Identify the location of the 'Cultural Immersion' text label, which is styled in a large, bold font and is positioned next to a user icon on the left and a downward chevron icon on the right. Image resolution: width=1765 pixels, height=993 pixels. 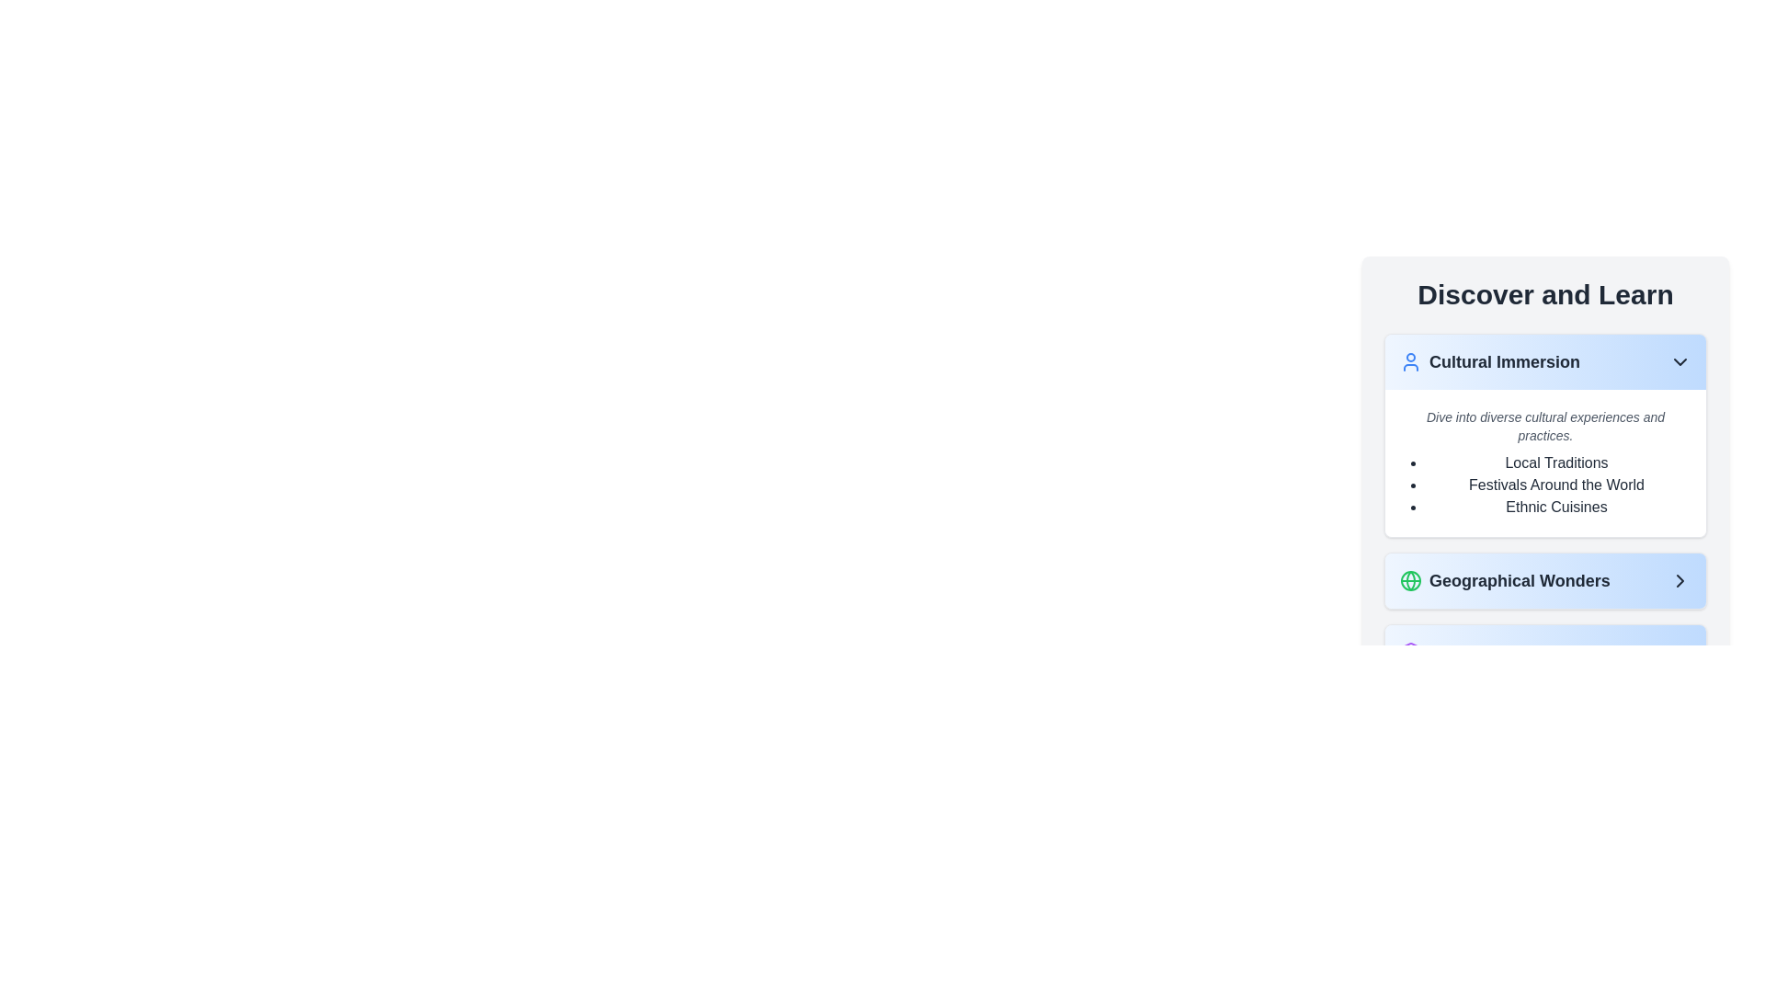
(1490, 361).